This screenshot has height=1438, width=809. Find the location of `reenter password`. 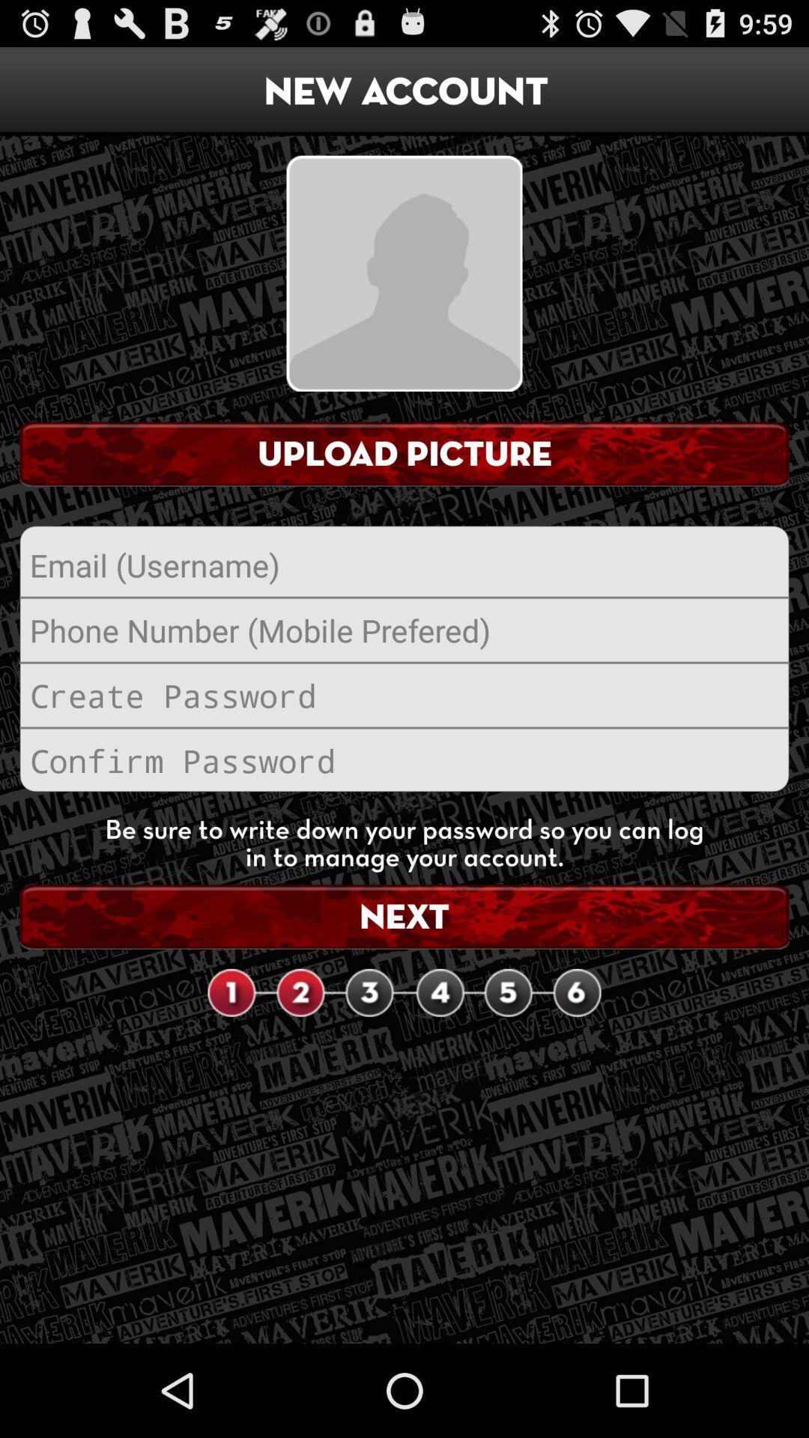

reenter password is located at coordinates (404, 760).